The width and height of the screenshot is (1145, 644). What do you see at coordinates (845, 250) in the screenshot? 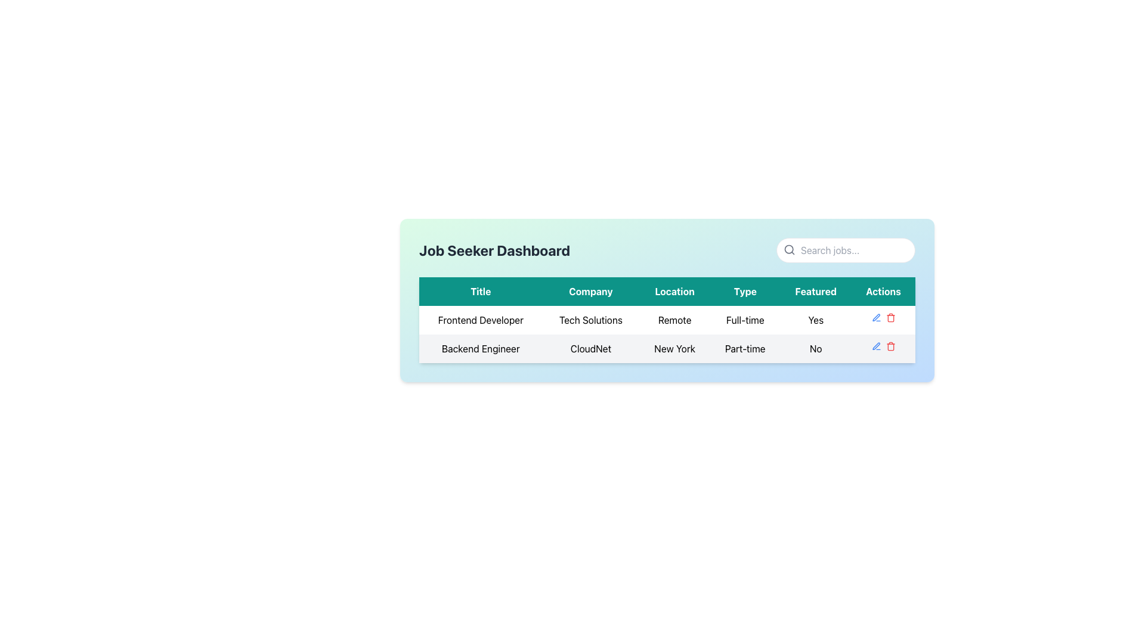
I see `the search text input field with placeholder 'Search jobs...' located in the top-right section of the Job Seeker Dashboard interface` at bounding box center [845, 250].